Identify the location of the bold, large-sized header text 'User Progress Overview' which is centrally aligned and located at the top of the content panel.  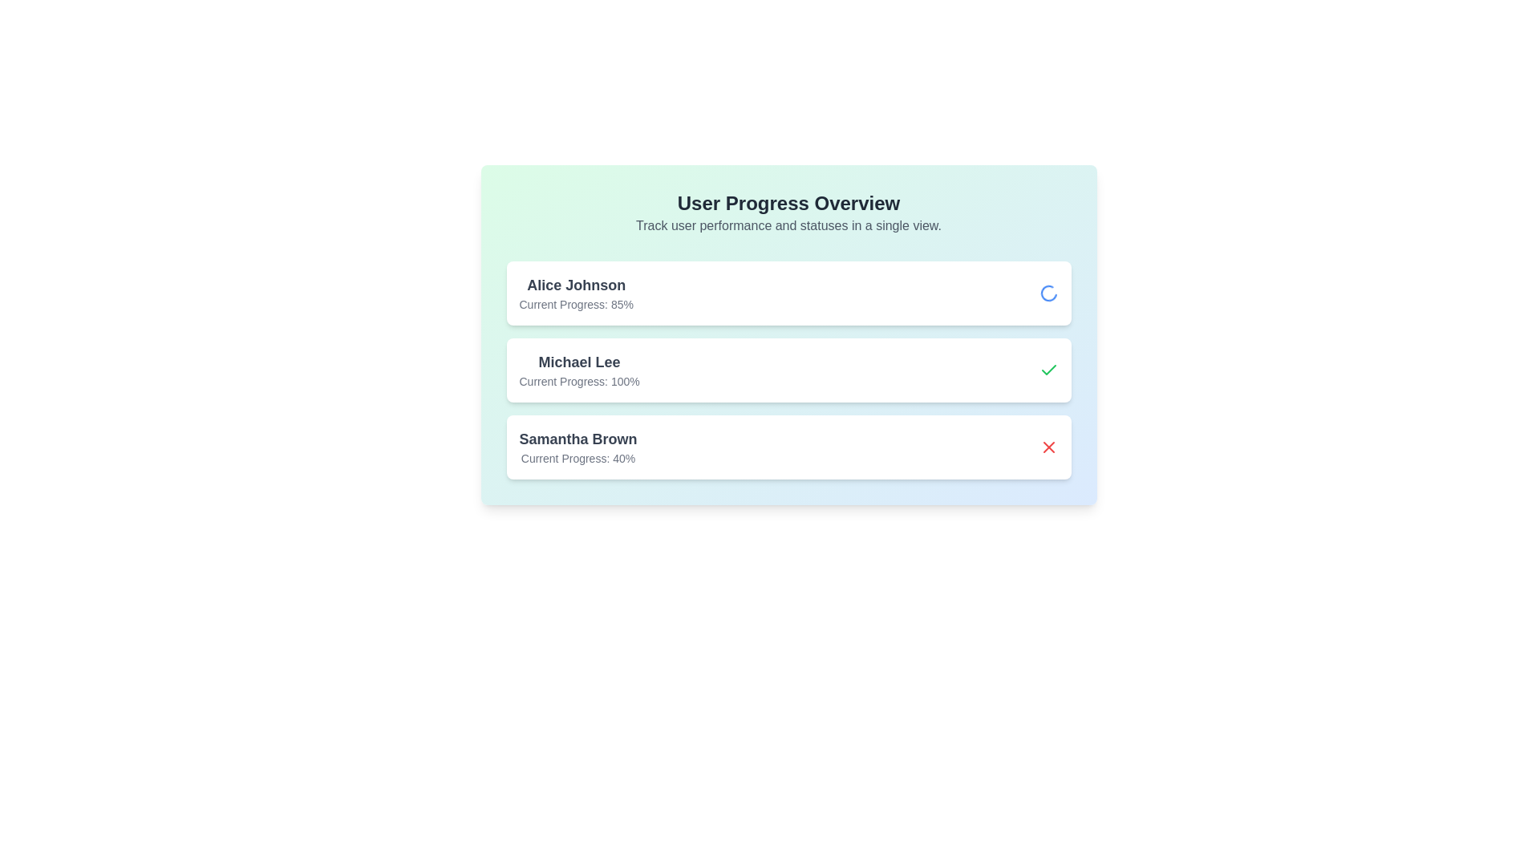
(788, 203).